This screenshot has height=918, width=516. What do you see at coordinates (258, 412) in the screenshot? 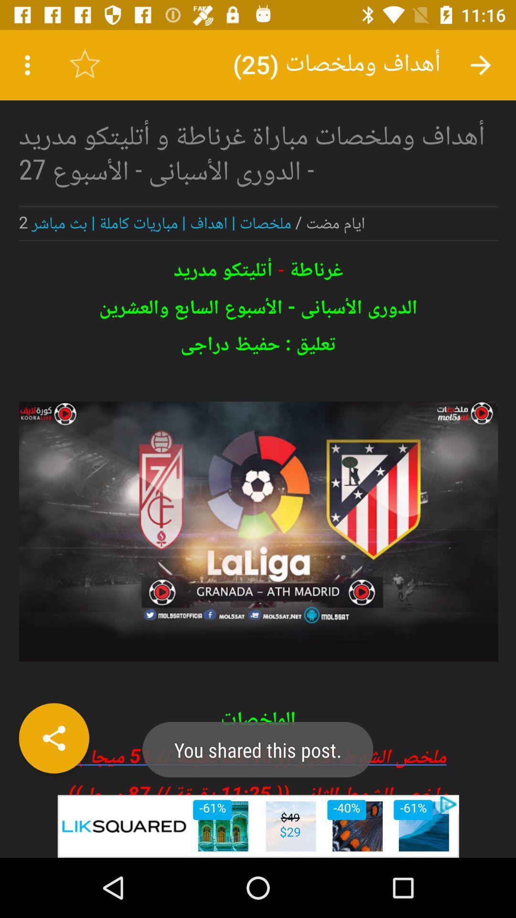
I see `for advertisement` at bounding box center [258, 412].